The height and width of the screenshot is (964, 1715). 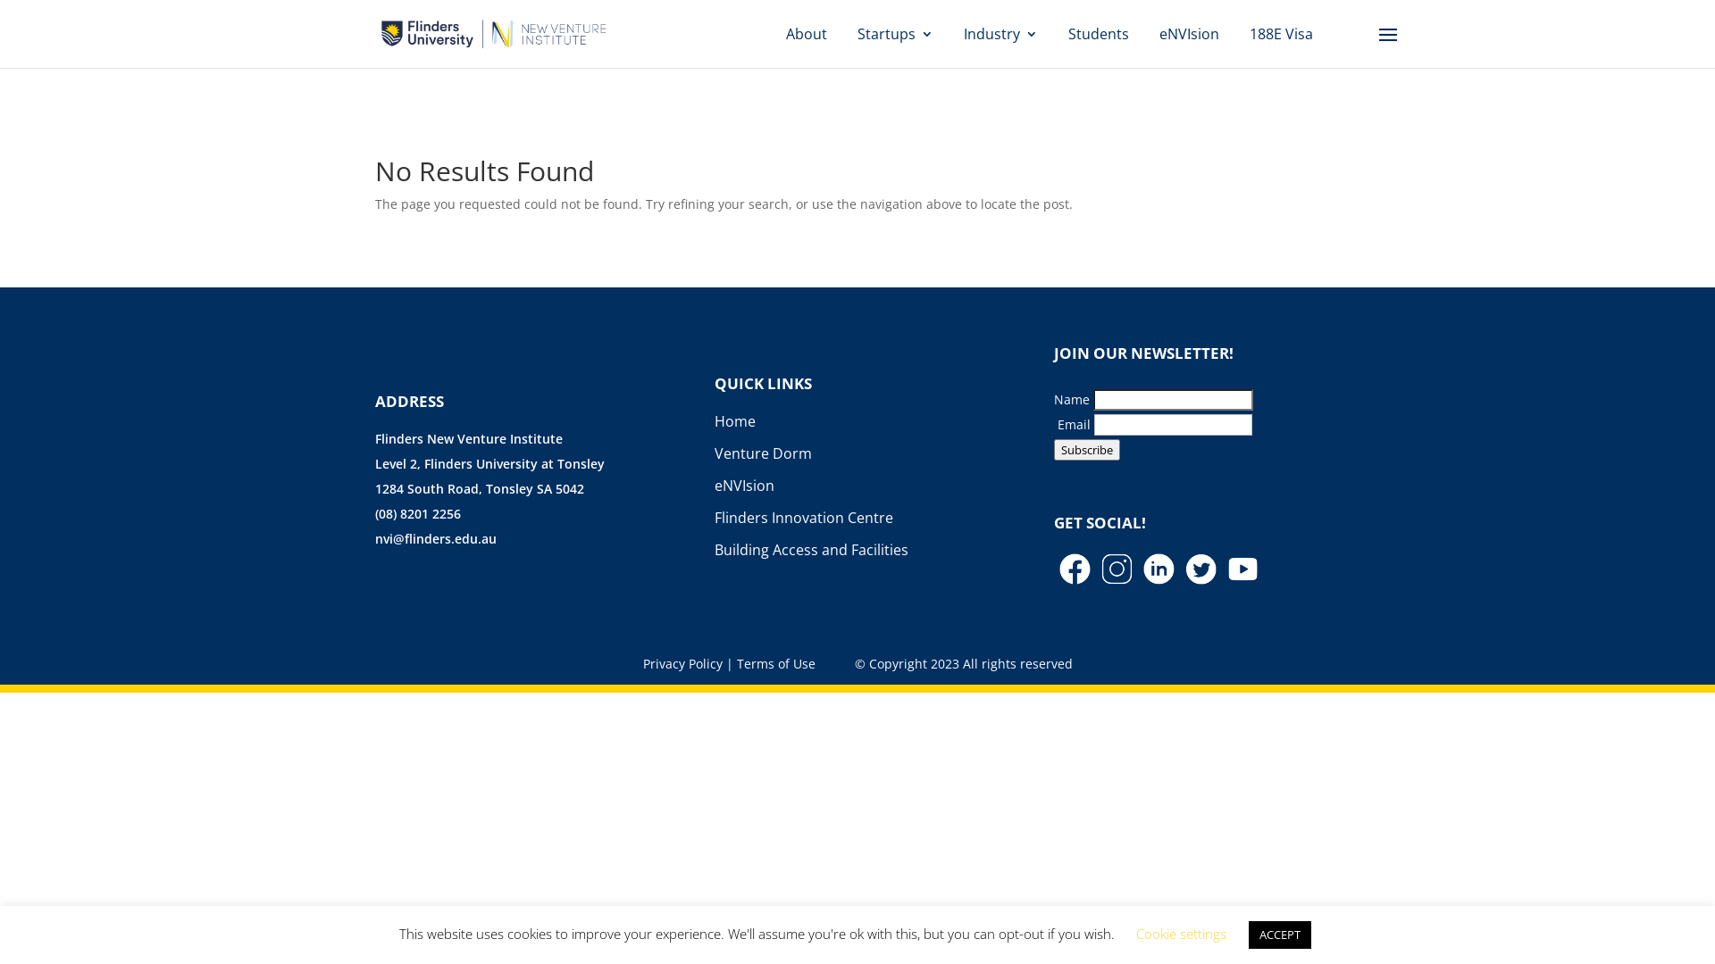 What do you see at coordinates (1116, 569) in the screenshot?
I see `'Instagram'` at bounding box center [1116, 569].